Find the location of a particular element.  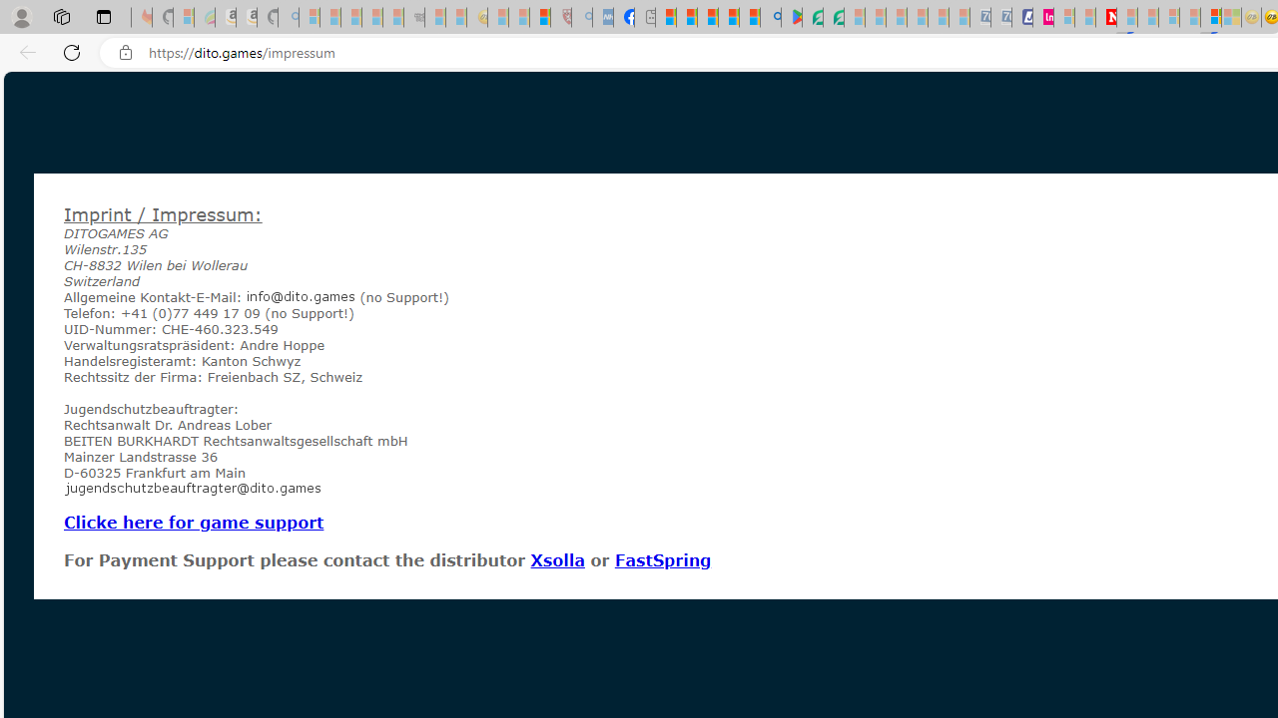

'FastSpring' is located at coordinates (662, 559).